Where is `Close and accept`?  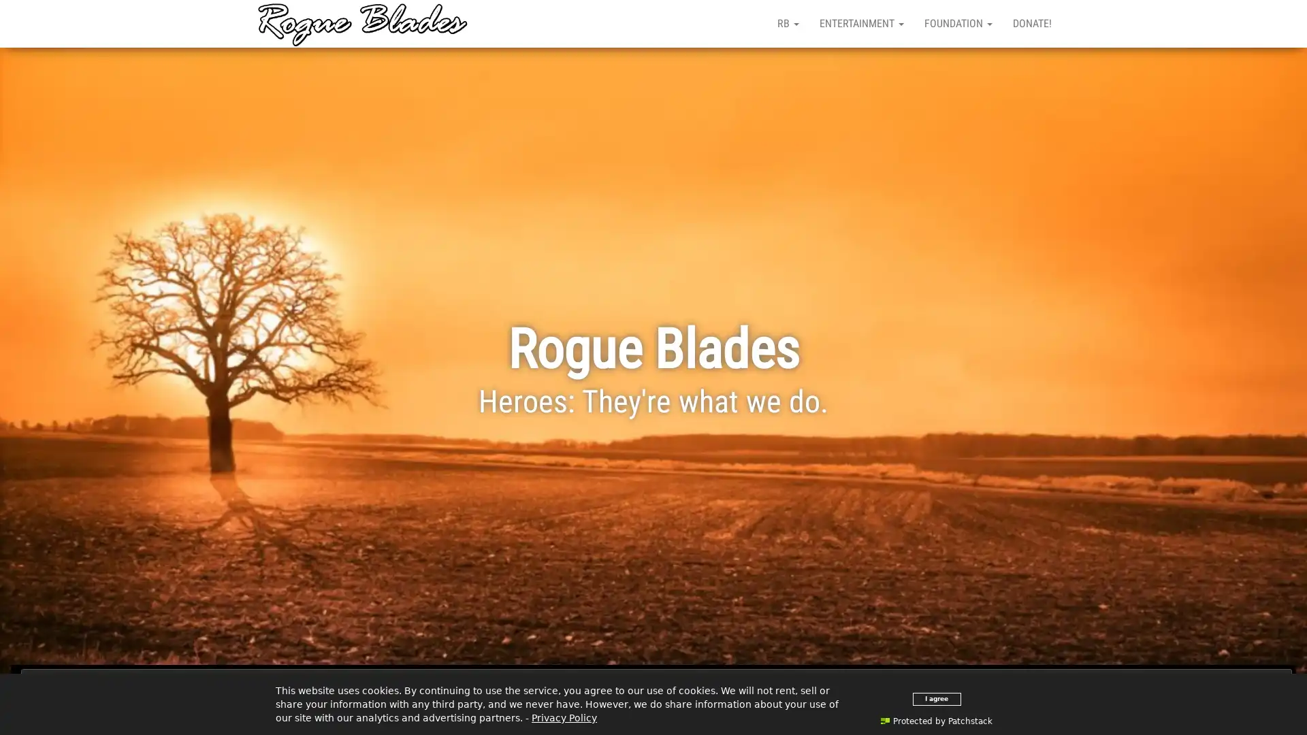 Close and accept is located at coordinates (656, 682).